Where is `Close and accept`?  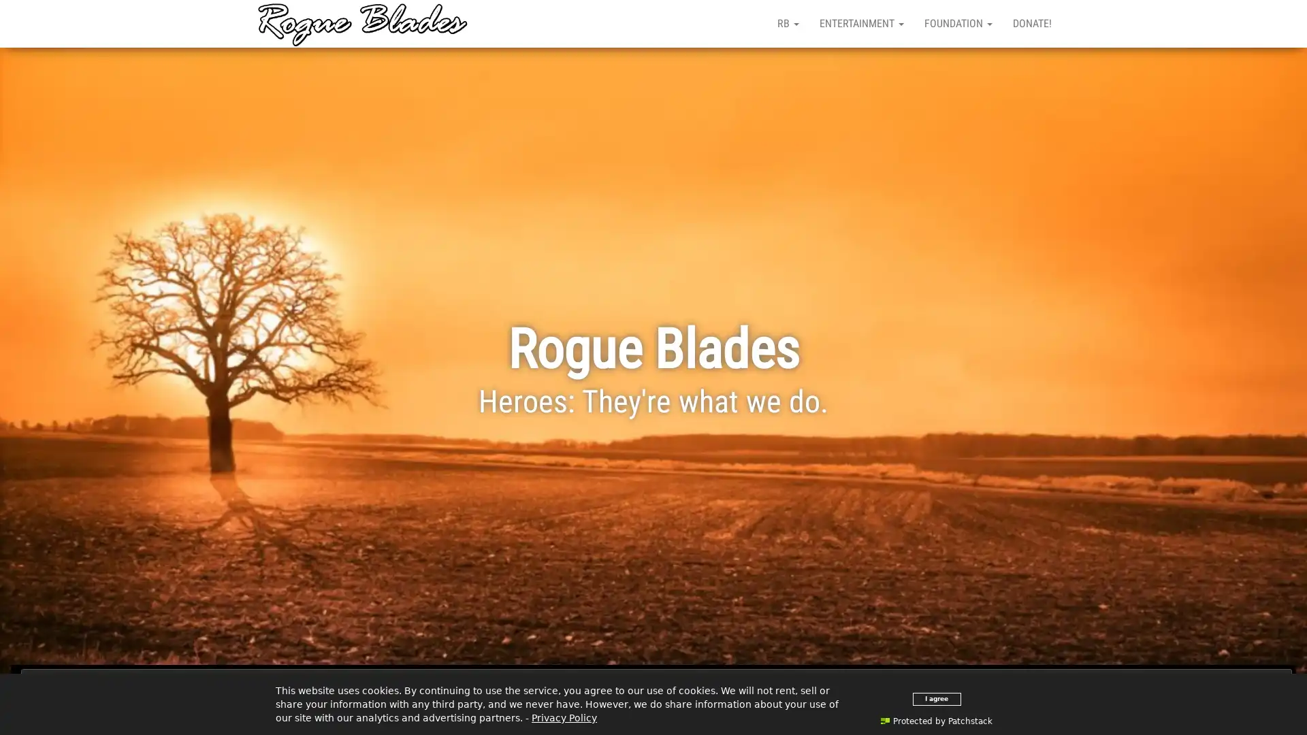 Close and accept is located at coordinates (656, 682).